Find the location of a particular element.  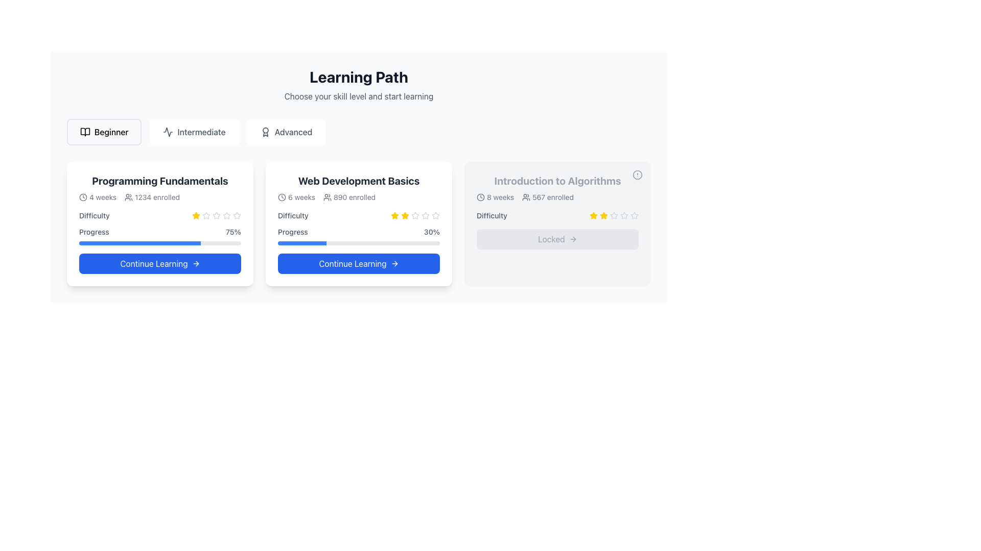

informational label with icons containing '4 weeks' and '1234 enrolled' text, located in the second row of the 'Programming Fundamentals' card, using the center coordinates provided is located at coordinates (159, 197).